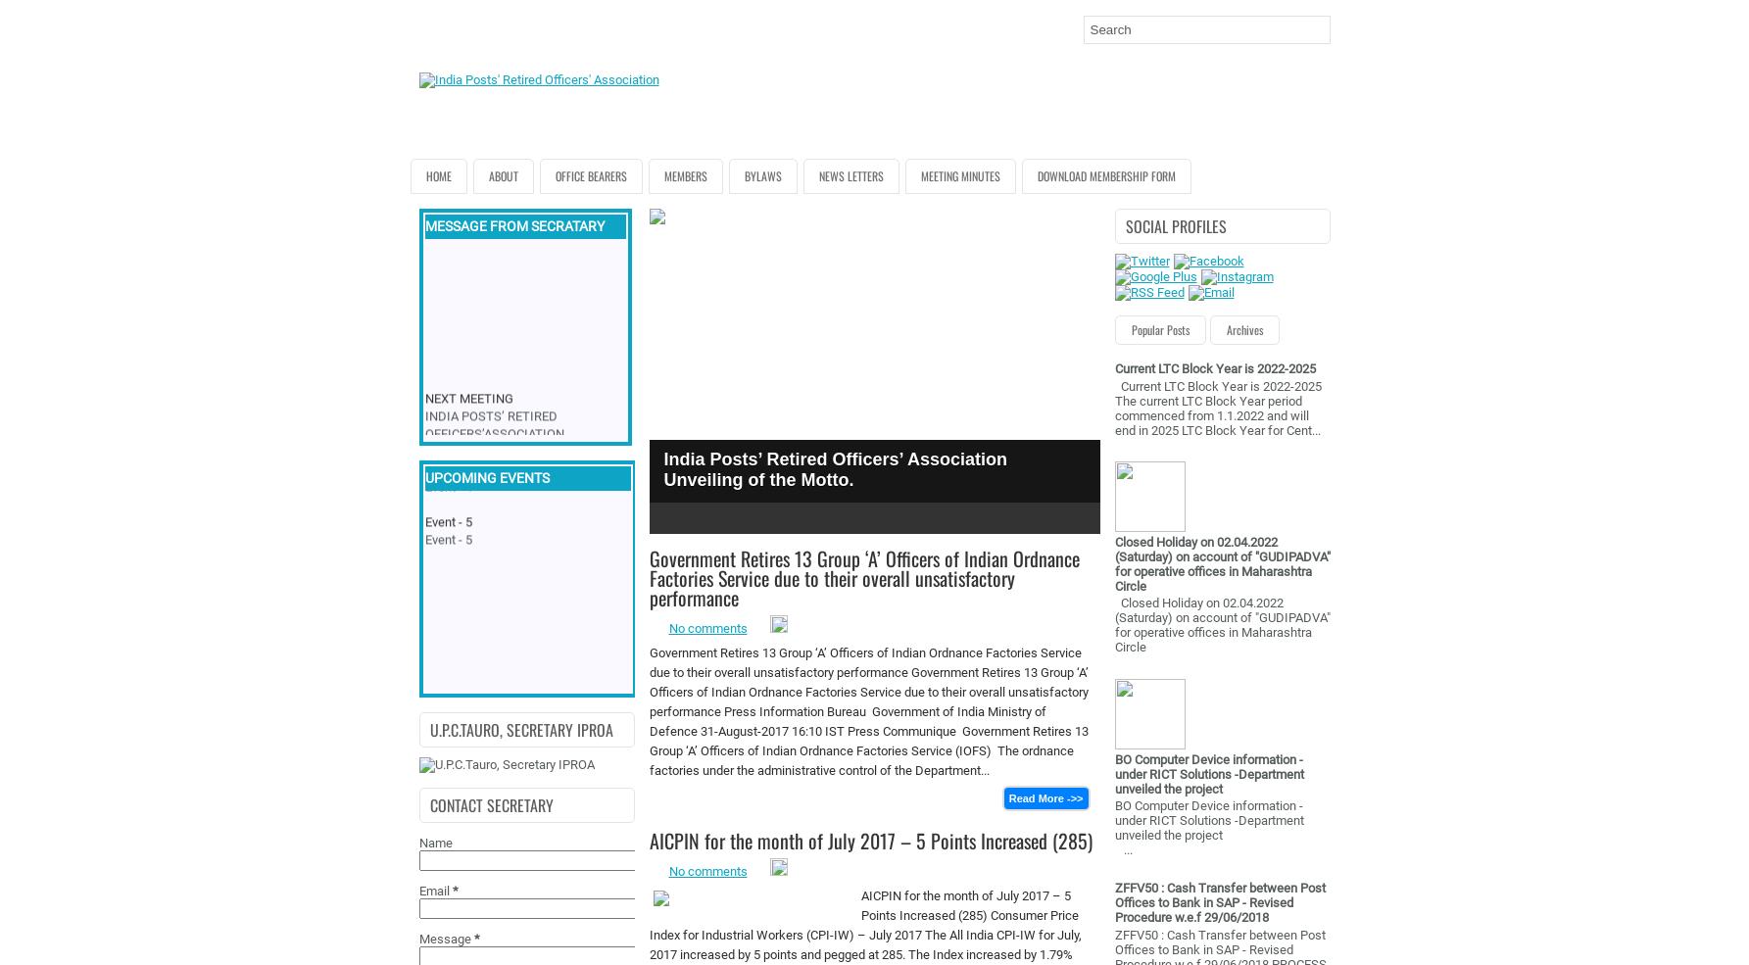 Image resolution: width=1749 pixels, height=965 pixels. Describe the element at coordinates (513, 224) in the screenshot. I see `'MESSAGE FROM SECRATARY'` at that location.